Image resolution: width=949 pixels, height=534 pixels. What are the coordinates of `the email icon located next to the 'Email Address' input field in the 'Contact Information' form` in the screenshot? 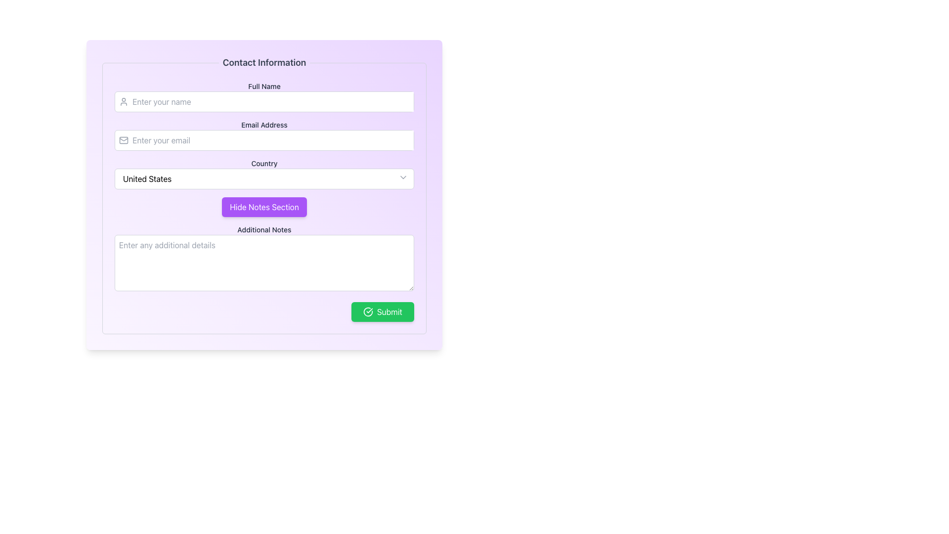 It's located at (123, 140).